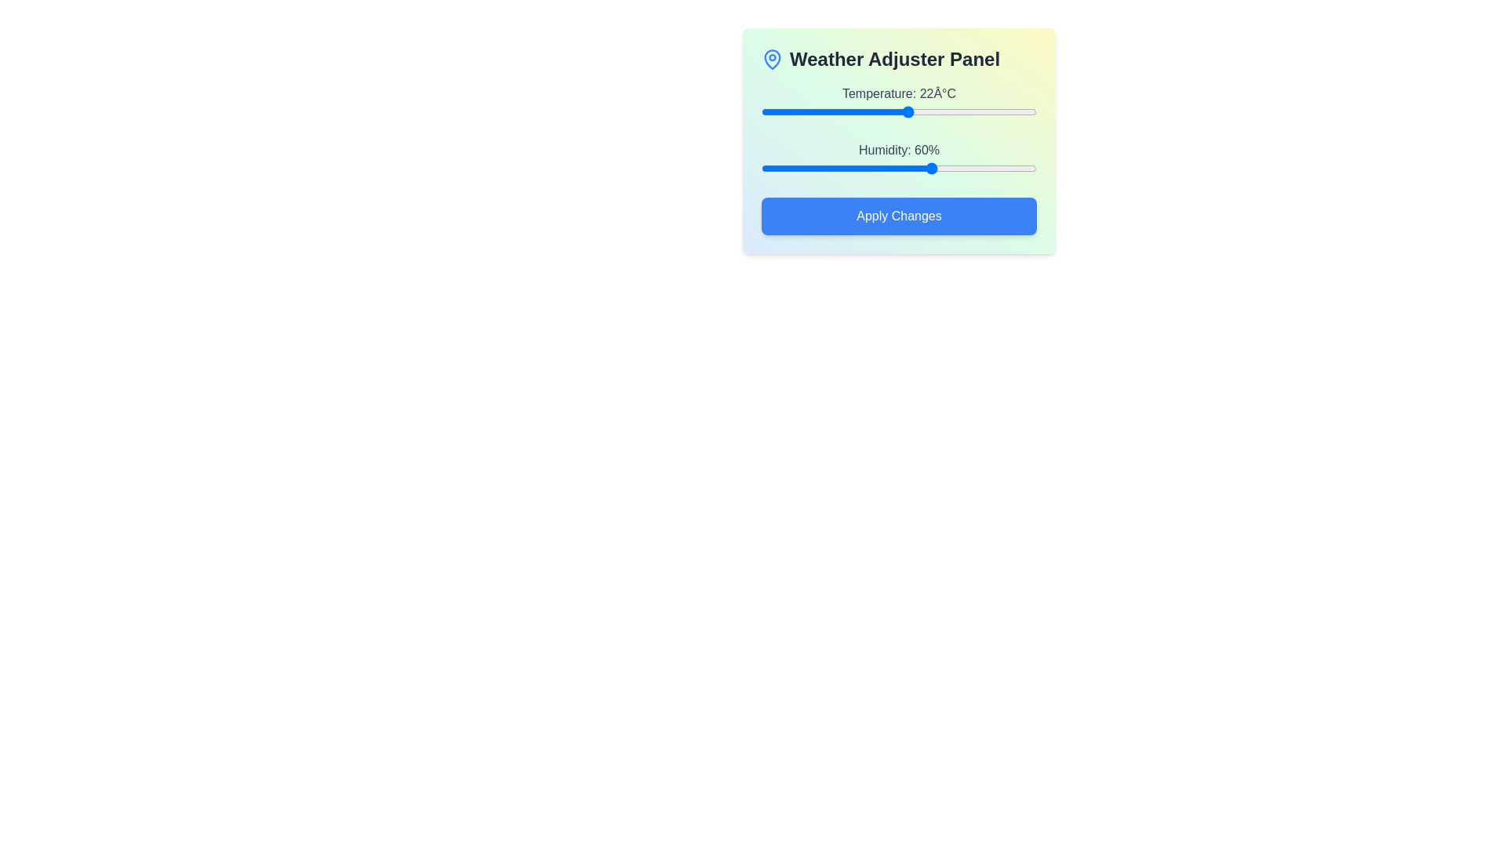 The height and width of the screenshot is (847, 1506). What do you see at coordinates (899, 216) in the screenshot?
I see `'Apply Changes' button` at bounding box center [899, 216].